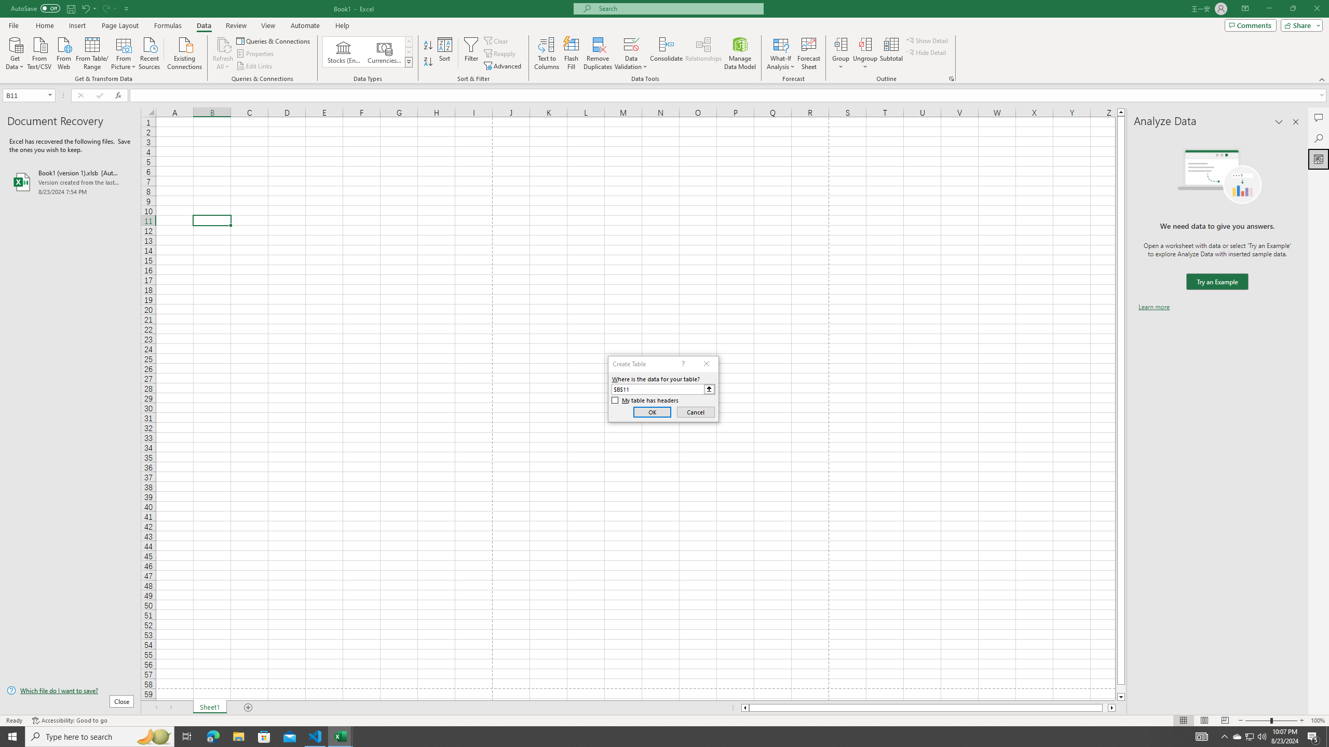 This screenshot has height=747, width=1329. What do you see at coordinates (739, 53) in the screenshot?
I see `'Manage Data Model'` at bounding box center [739, 53].